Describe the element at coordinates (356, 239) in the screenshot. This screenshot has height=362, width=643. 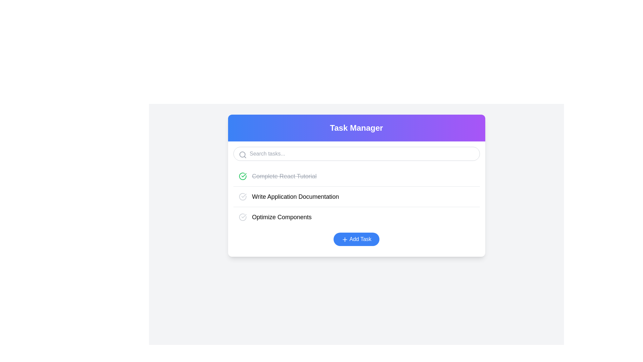
I see `the button located at the bottom of the content section, which opens a form for adding a new task` at that location.